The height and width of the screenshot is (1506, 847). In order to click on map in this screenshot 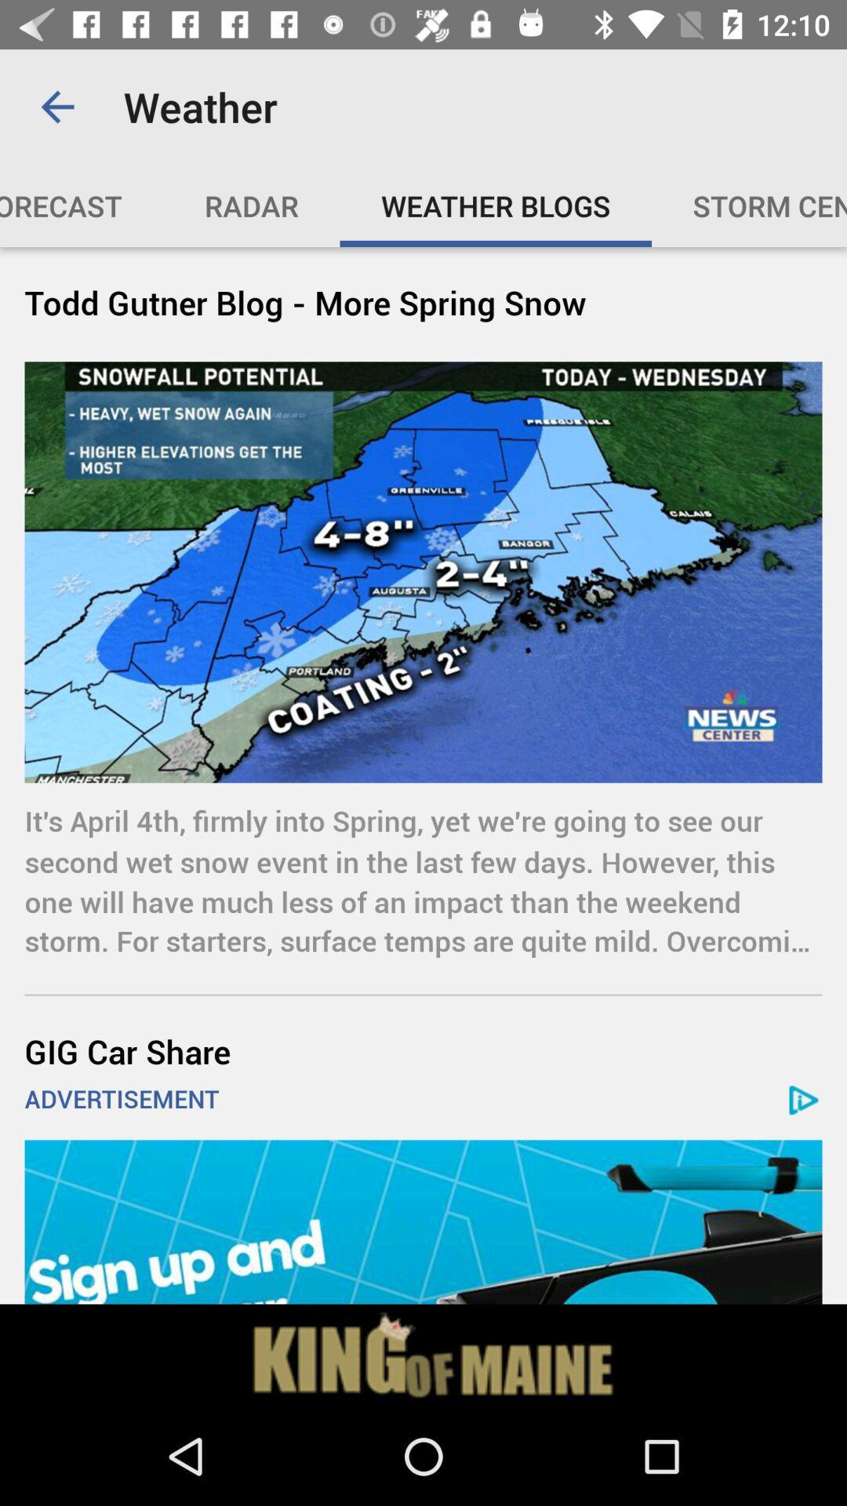, I will do `click(423, 1221)`.